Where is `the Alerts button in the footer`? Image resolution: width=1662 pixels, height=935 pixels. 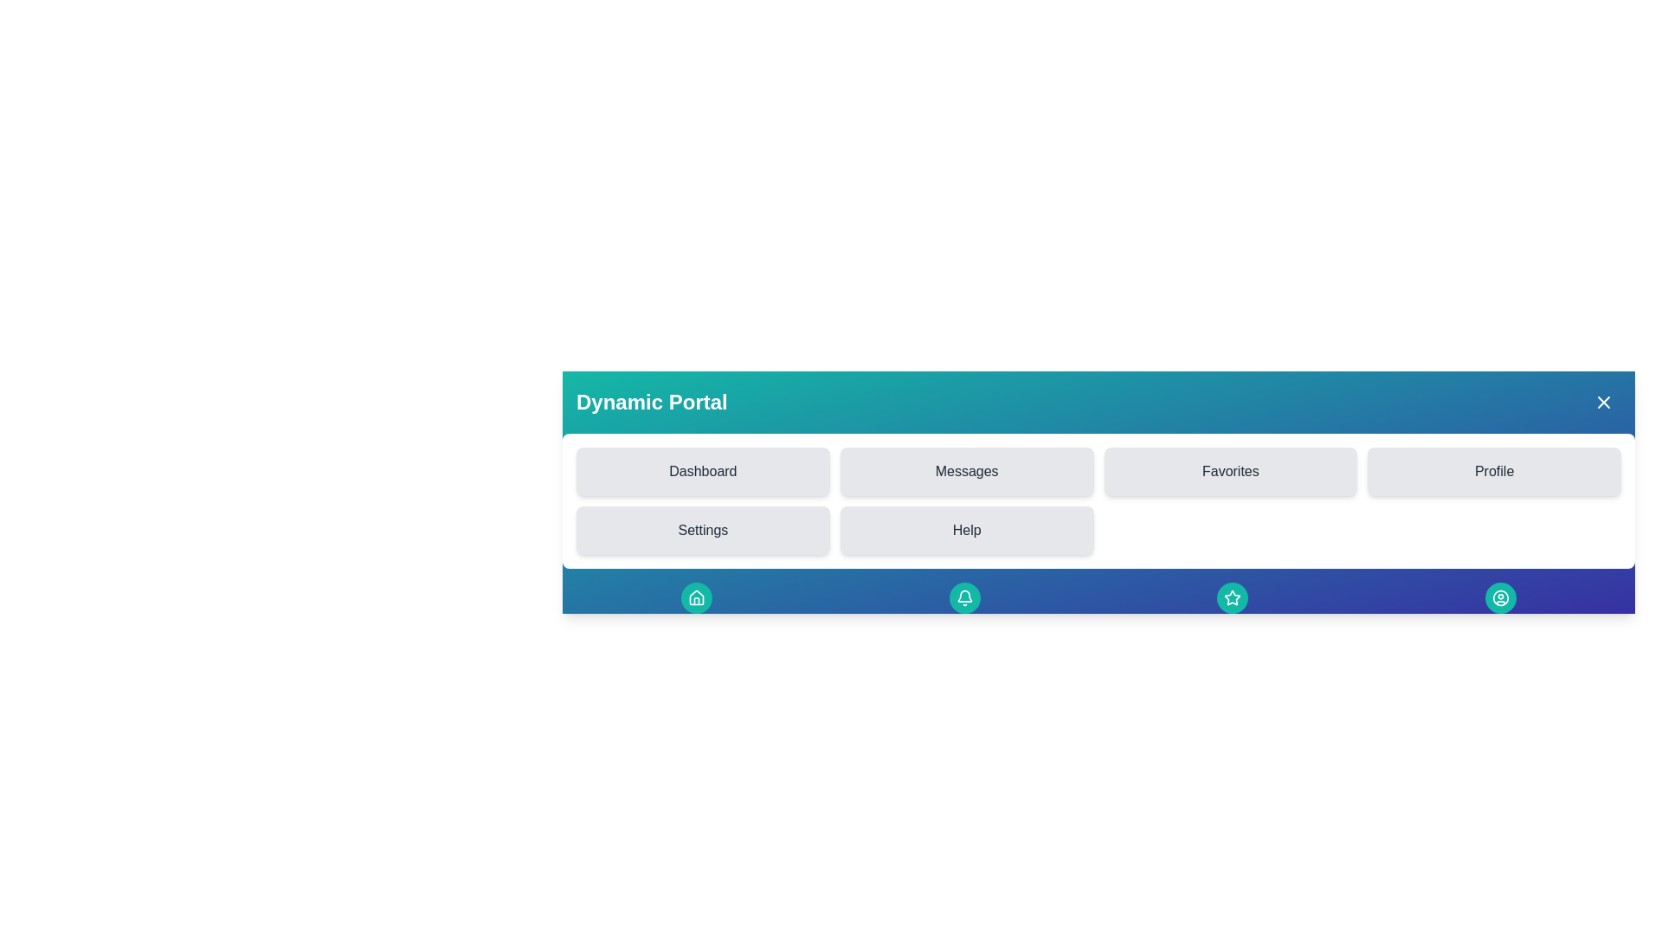
the Alerts button in the footer is located at coordinates (963, 596).